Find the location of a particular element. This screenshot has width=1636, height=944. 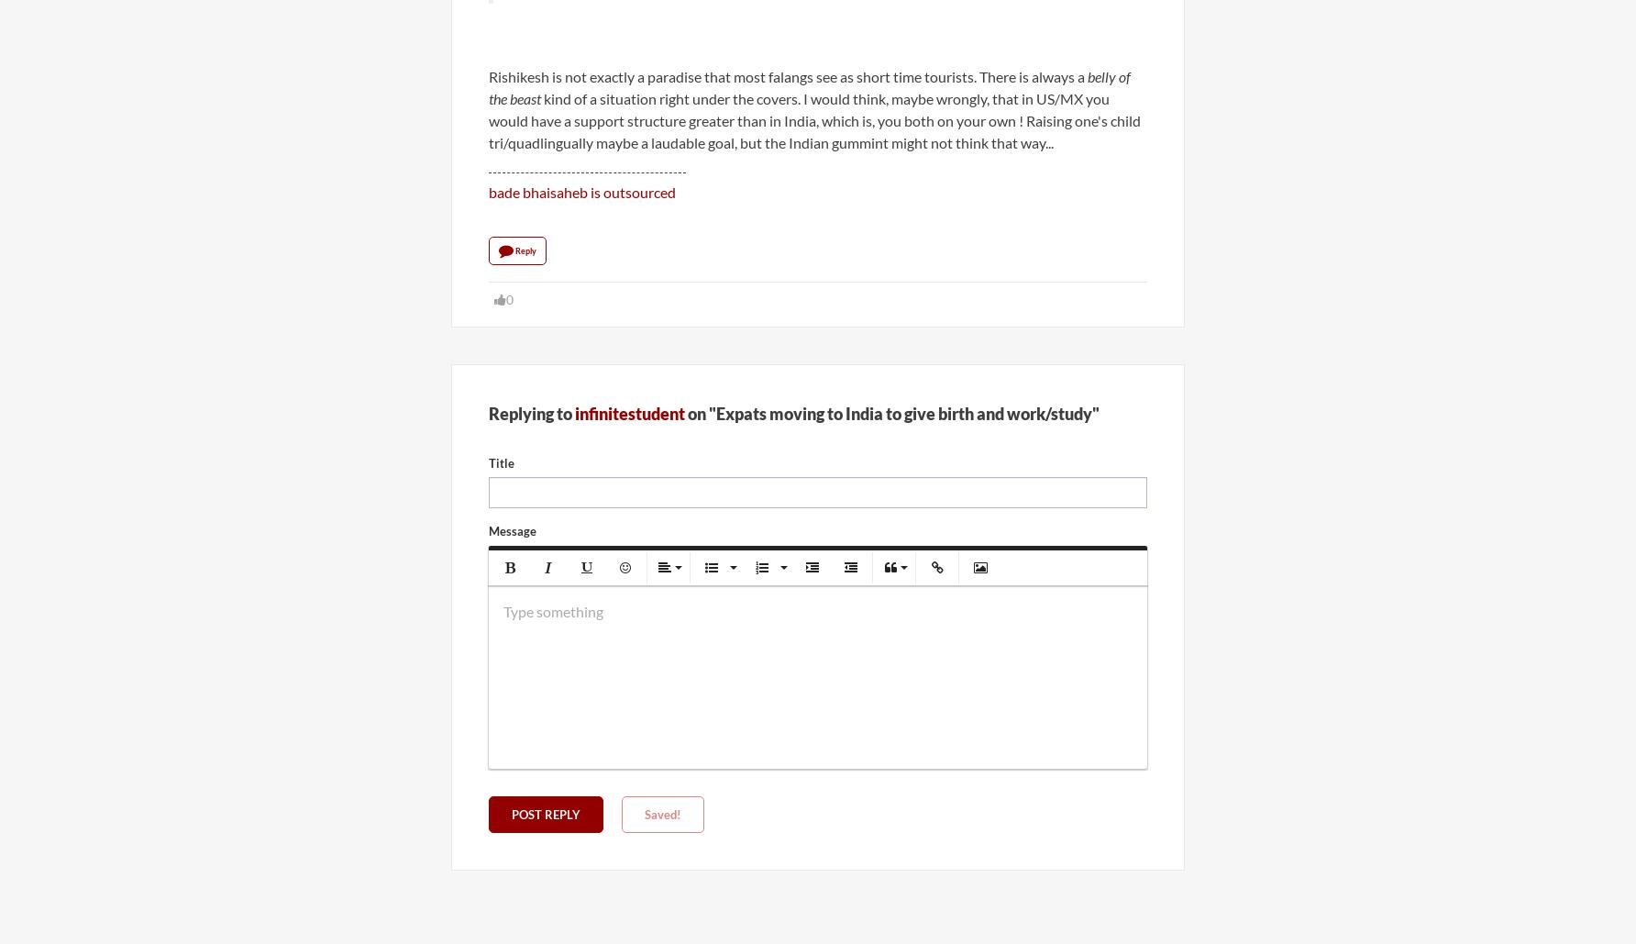

'kind of a situation right under the covers. I would think, maybe wrongly, that in US/MX you would have a support structure greater than in India, which is, you both on your own ! Raising one's child tri/quadlingually maybe a laudable goal, but the Indian gummint might not think that way...' is located at coordinates (813, 119).